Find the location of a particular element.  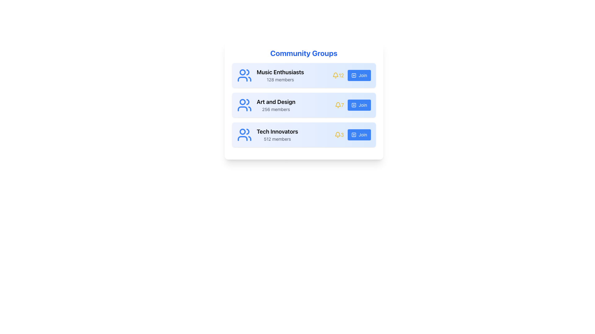

the text label that serves as the title for the associated community group card, which is the first item in the community groups list and is positioned above the '128 members' text is located at coordinates (280, 72).